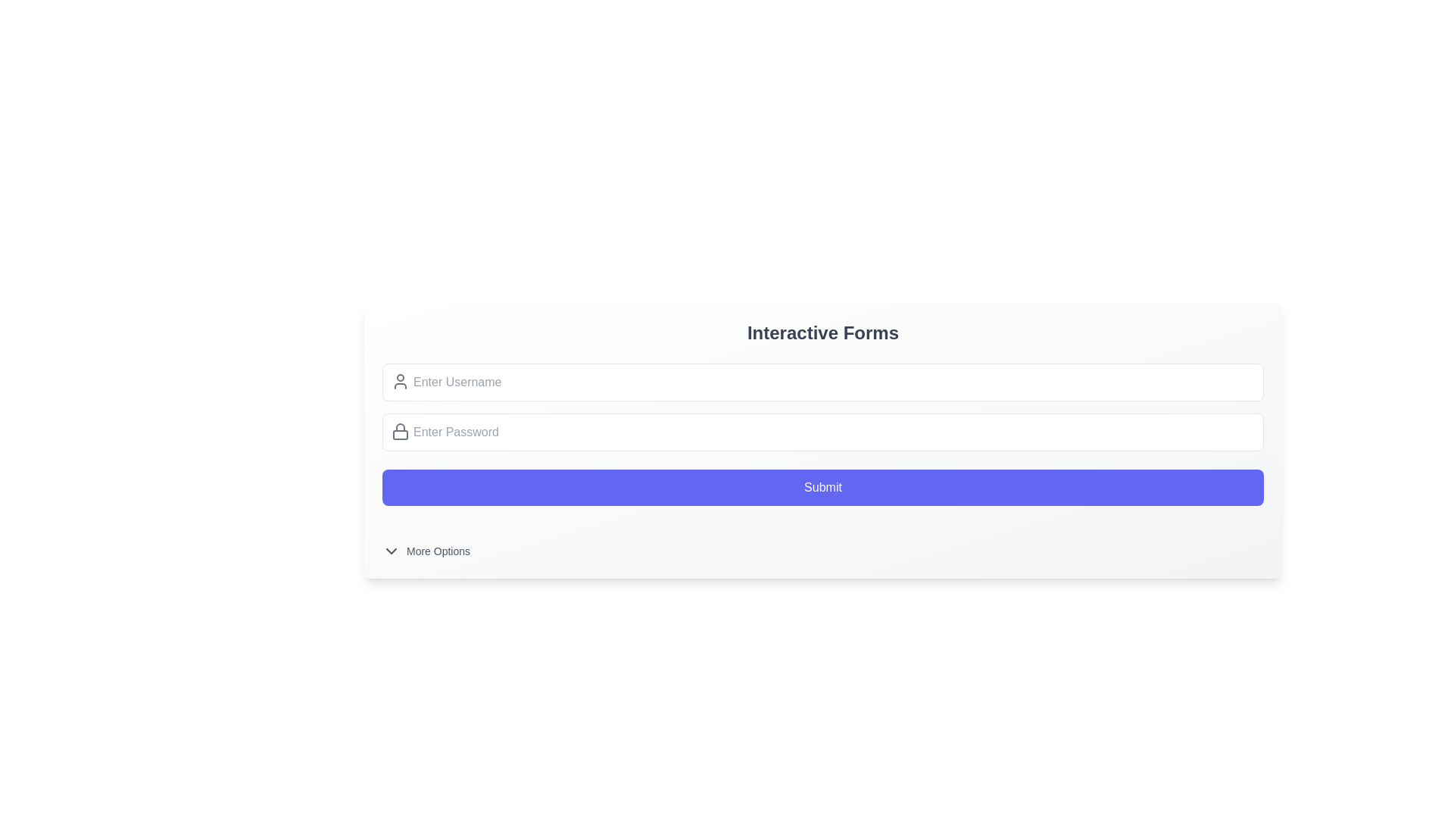 This screenshot has height=818, width=1454. Describe the element at coordinates (400, 435) in the screenshot. I see `the lock icon component, which visually represents password security and is located to the left of the 'Enter Password' input field` at that location.